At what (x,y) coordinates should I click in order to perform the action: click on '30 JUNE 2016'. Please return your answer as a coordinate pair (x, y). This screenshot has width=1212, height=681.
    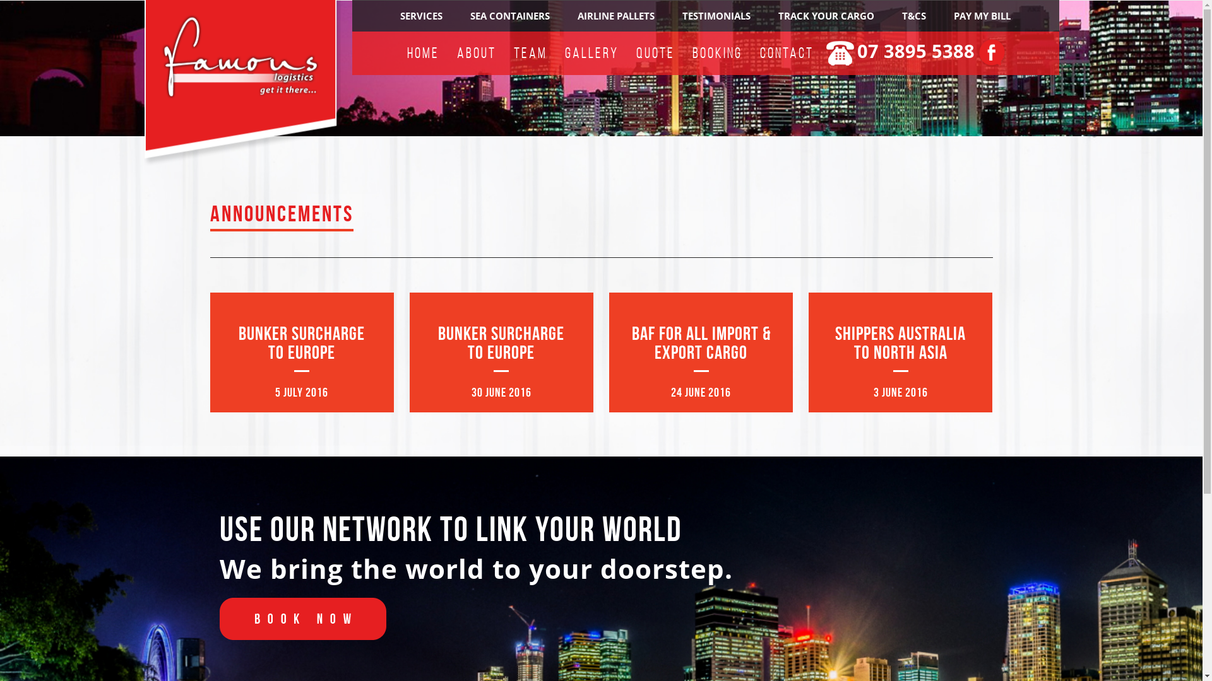
    Looking at the image, I should click on (501, 389).